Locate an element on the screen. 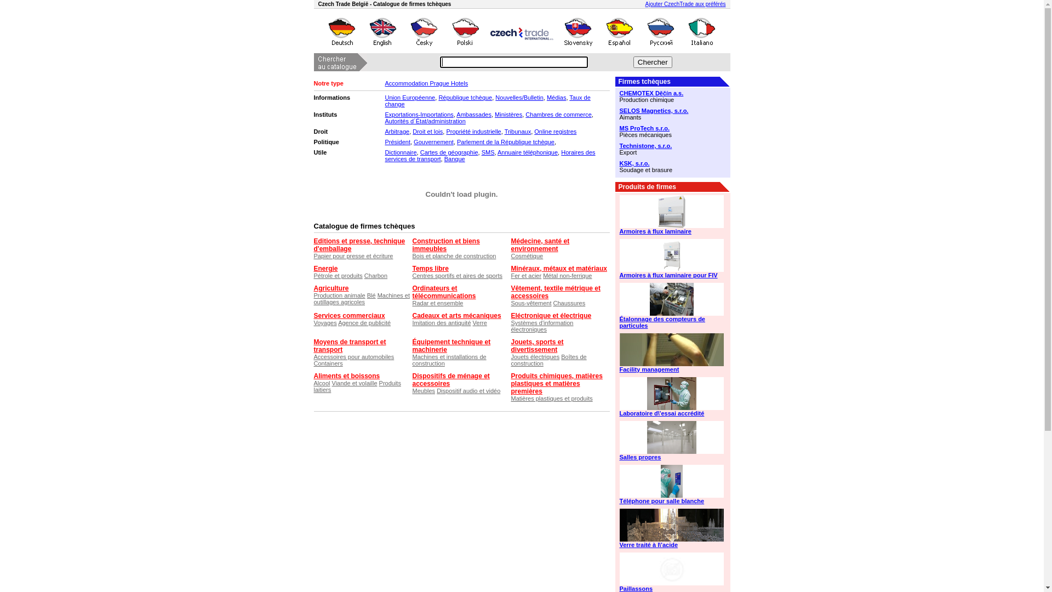 Image resolution: width=1052 pixels, height=592 pixels. 'Banque' is located at coordinates (455, 158).